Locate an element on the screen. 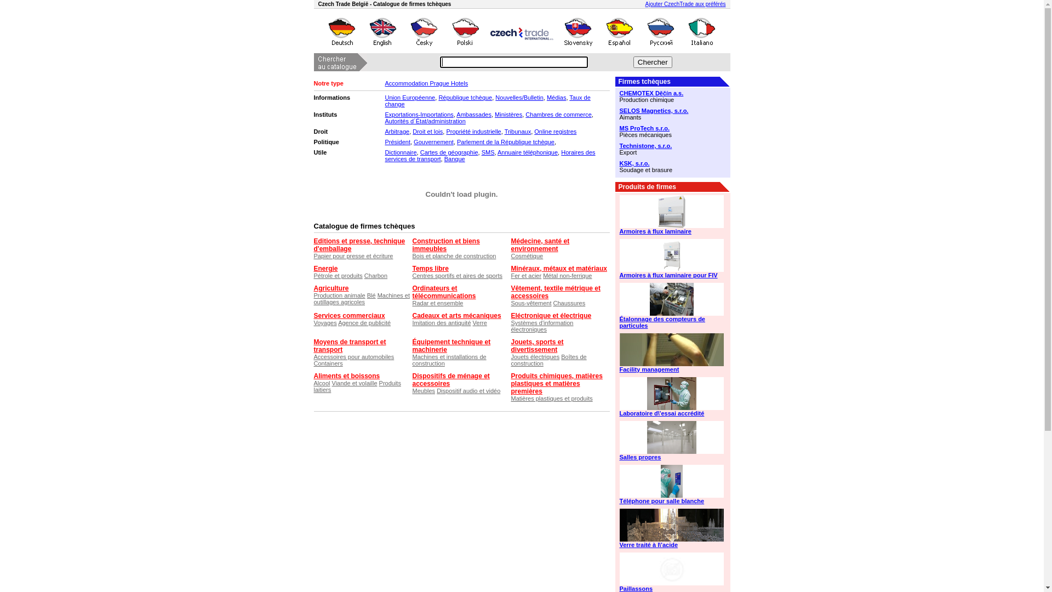 Image resolution: width=1052 pixels, height=592 pixels. 'Banque' is located at coordinates (455, 158).